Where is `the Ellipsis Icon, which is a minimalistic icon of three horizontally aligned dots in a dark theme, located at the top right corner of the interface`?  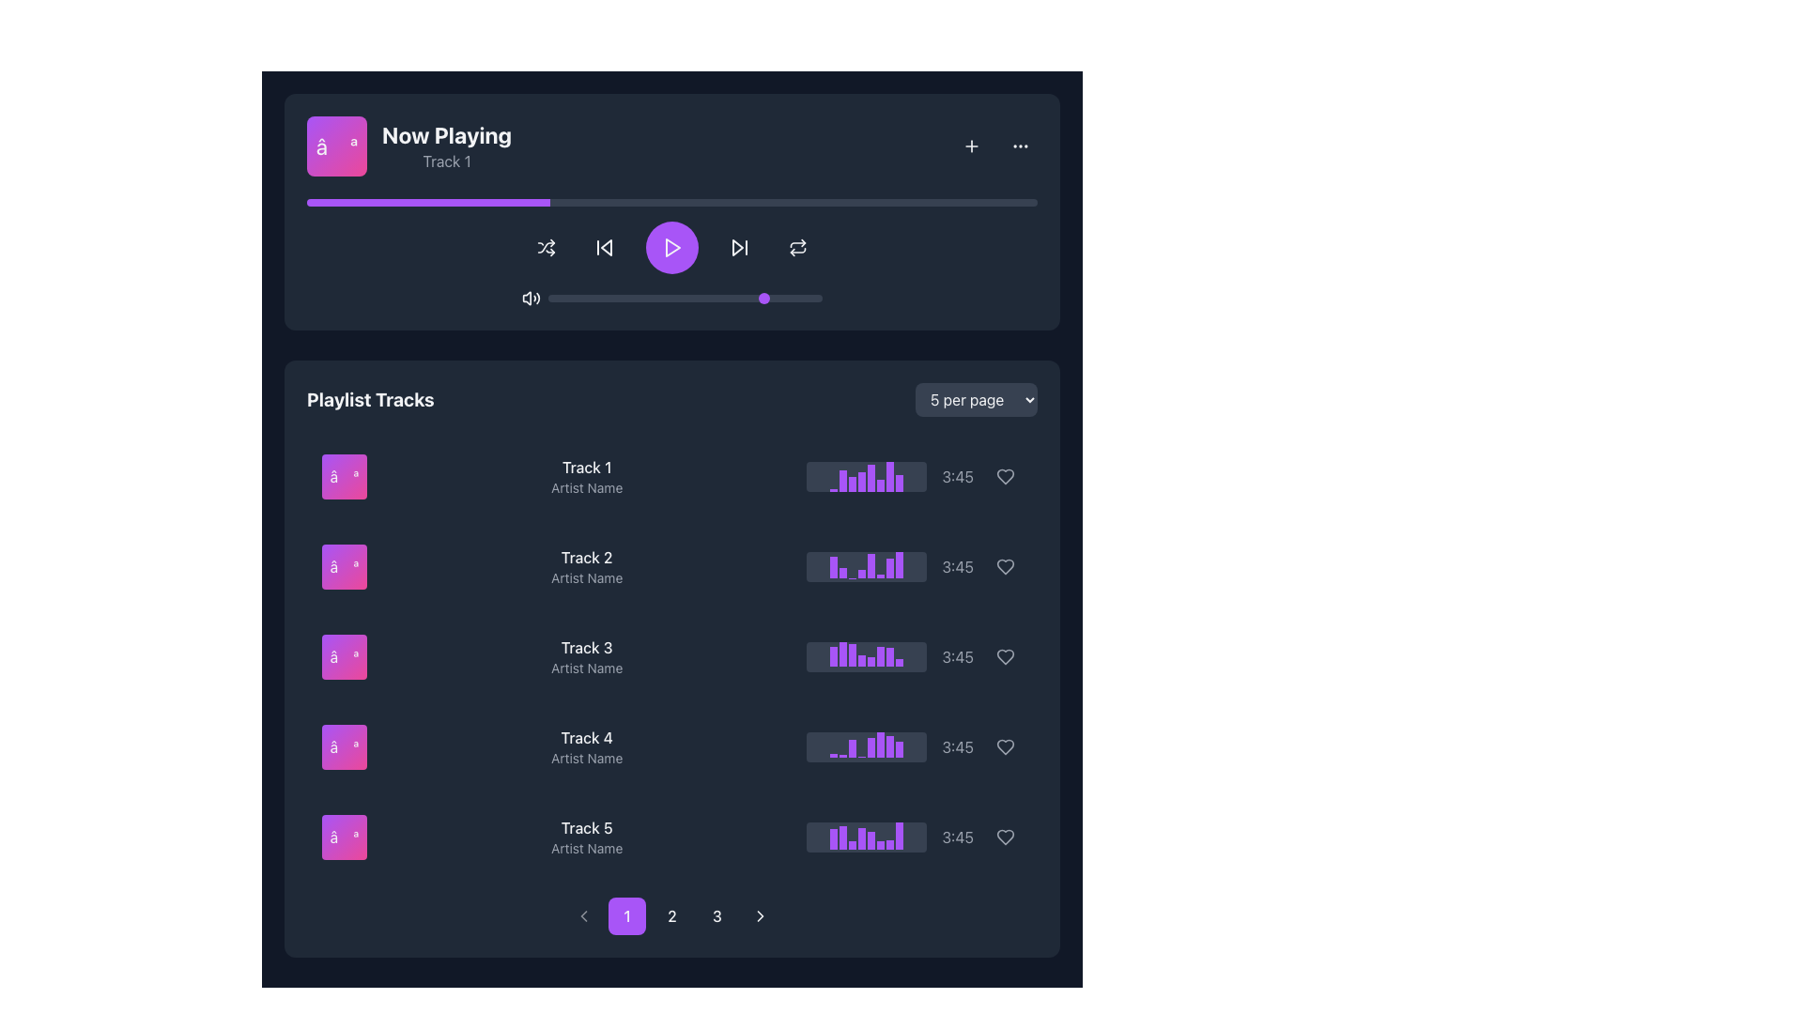 the Ellipsis Icon, which is a minimalistic icon of three horizontally aligned dots in a dark theme, located at the top right corner of the interface is located at coordinates (1019, 145).